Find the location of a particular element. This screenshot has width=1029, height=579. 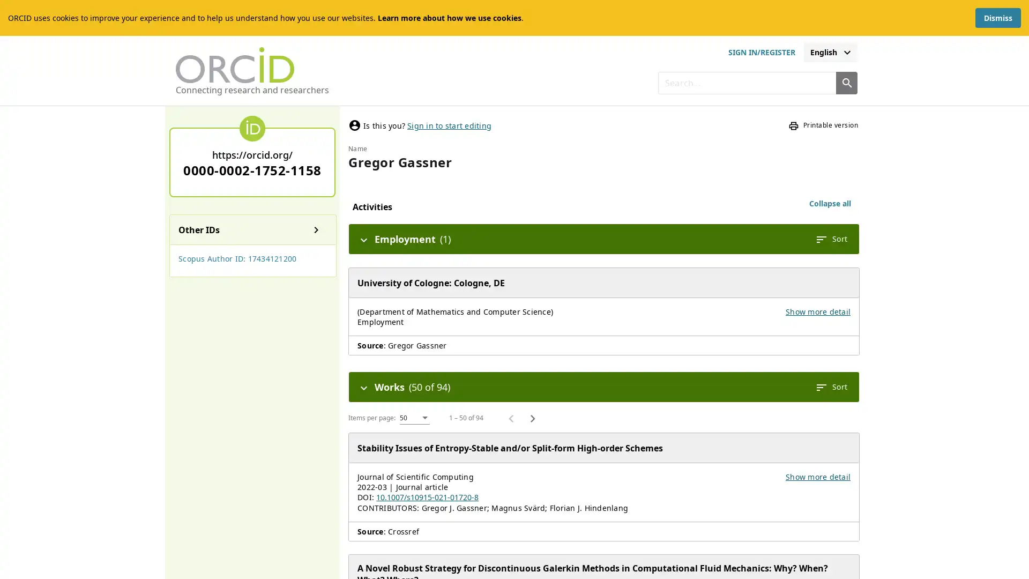

Show more detail is located at coordinates (817, 476).